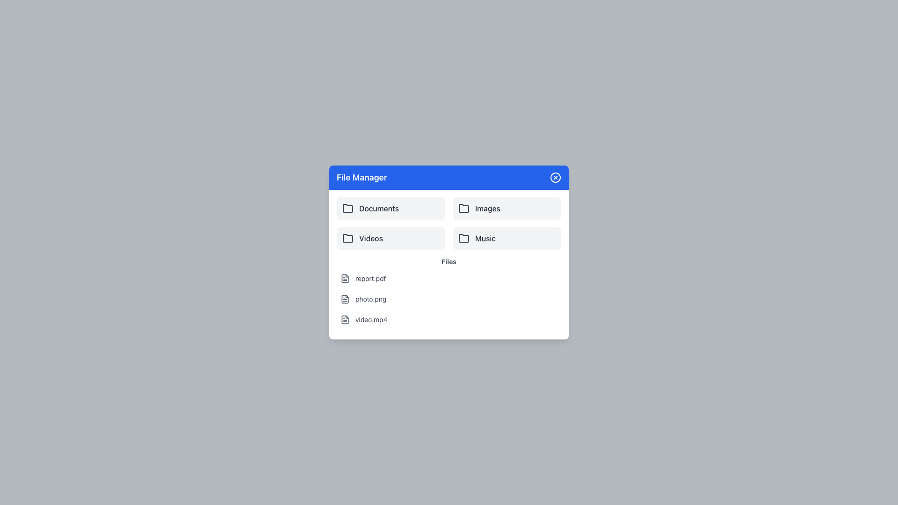  I want to click on the document icon representing the file type located to the left of the filename 'video.mp4' in the 'Files' section of the 'File Manager' interface, so click(345, 319).